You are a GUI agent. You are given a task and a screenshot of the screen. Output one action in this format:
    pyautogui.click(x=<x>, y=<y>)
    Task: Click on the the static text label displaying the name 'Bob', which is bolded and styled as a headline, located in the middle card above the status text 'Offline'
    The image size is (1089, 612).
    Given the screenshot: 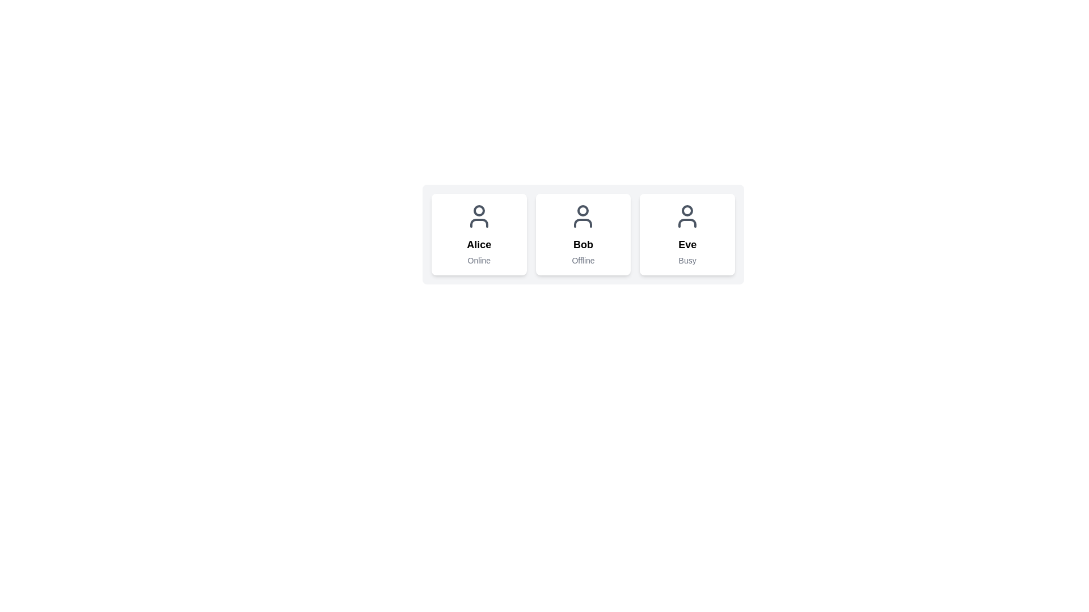 What is the action you would take?
    pyautogui.click(x=583, y=244)
    